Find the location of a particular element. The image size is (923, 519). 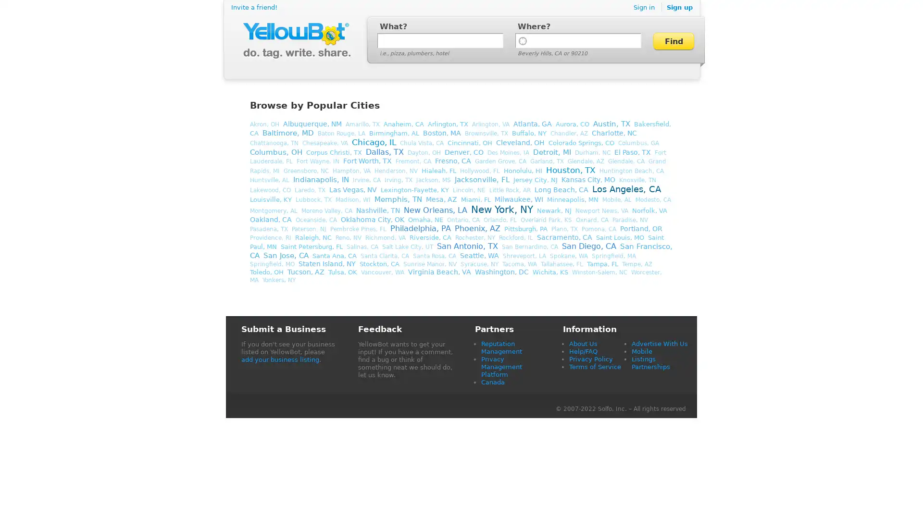

Find is located at coordinates (673, 40).